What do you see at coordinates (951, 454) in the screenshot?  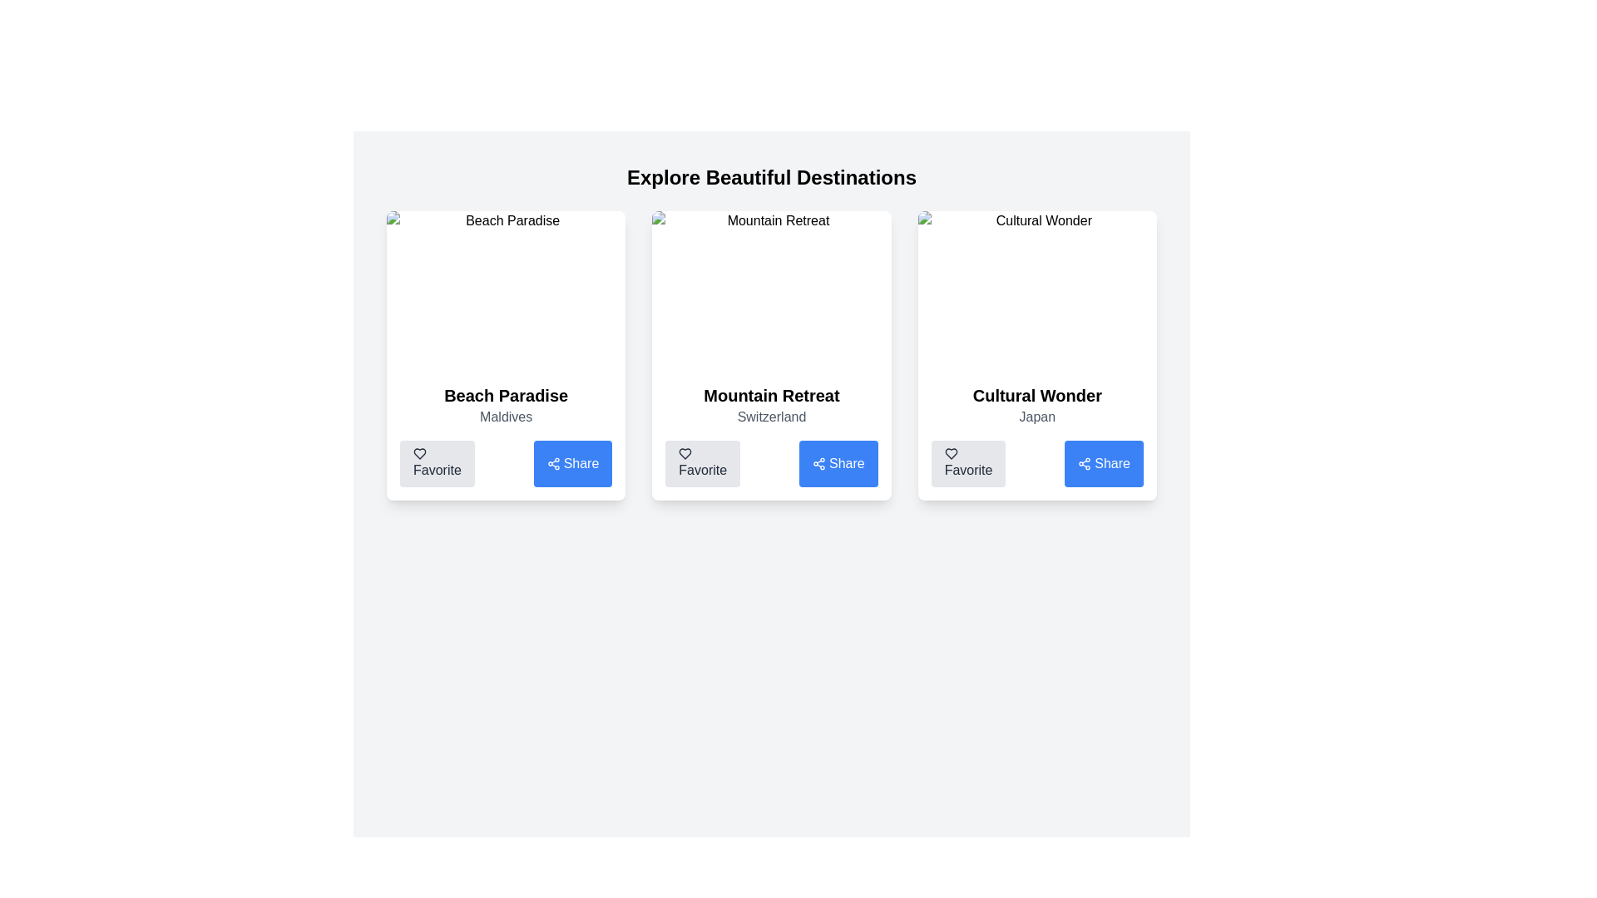 I see `the heart icon located in the bottom-left section of the 'Cultural Wonder' card to mark the item as a favorite` at bounding box center [951, 454].